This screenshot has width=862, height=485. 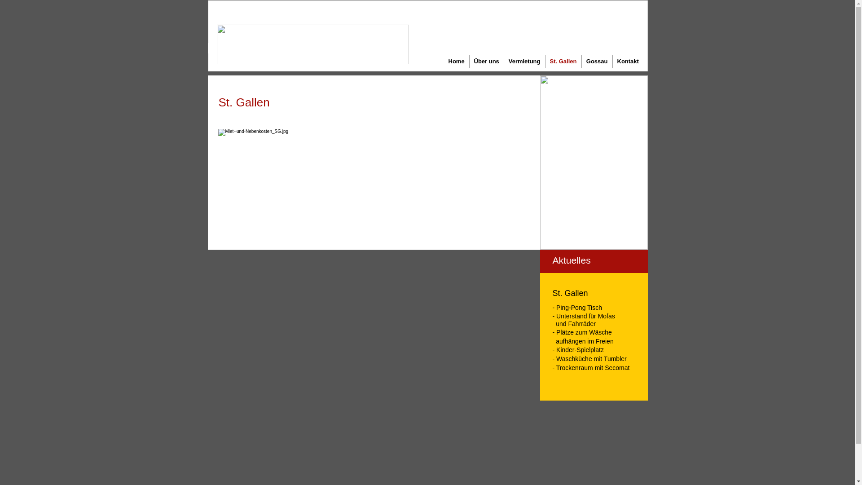 I want to click on 'Kontakt', so click(x=611, y=61).